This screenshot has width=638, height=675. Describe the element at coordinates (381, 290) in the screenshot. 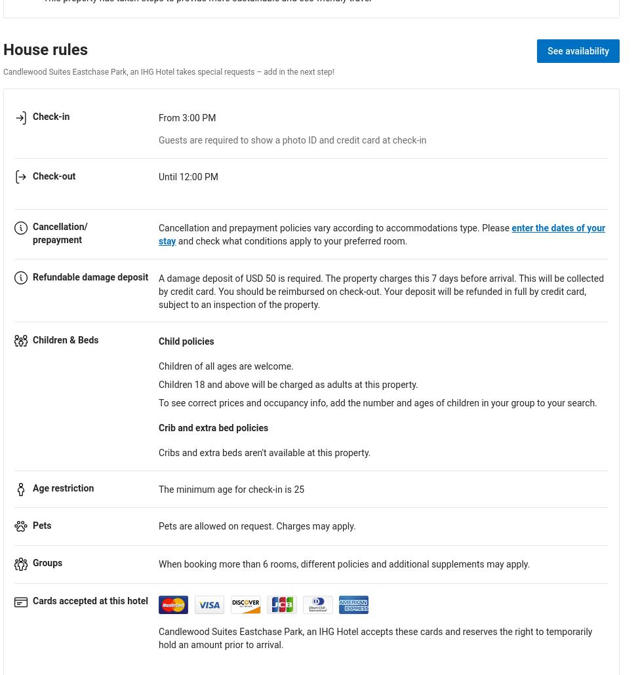

I see `'A damage deposit of USD 50 is required. The property charges this 7 days before arrival. This will be collected by credit card. You should be reimbursed on check-out. Your deposit will be refunded in full by credit card, subject to an inspection of the property.'` at that location.